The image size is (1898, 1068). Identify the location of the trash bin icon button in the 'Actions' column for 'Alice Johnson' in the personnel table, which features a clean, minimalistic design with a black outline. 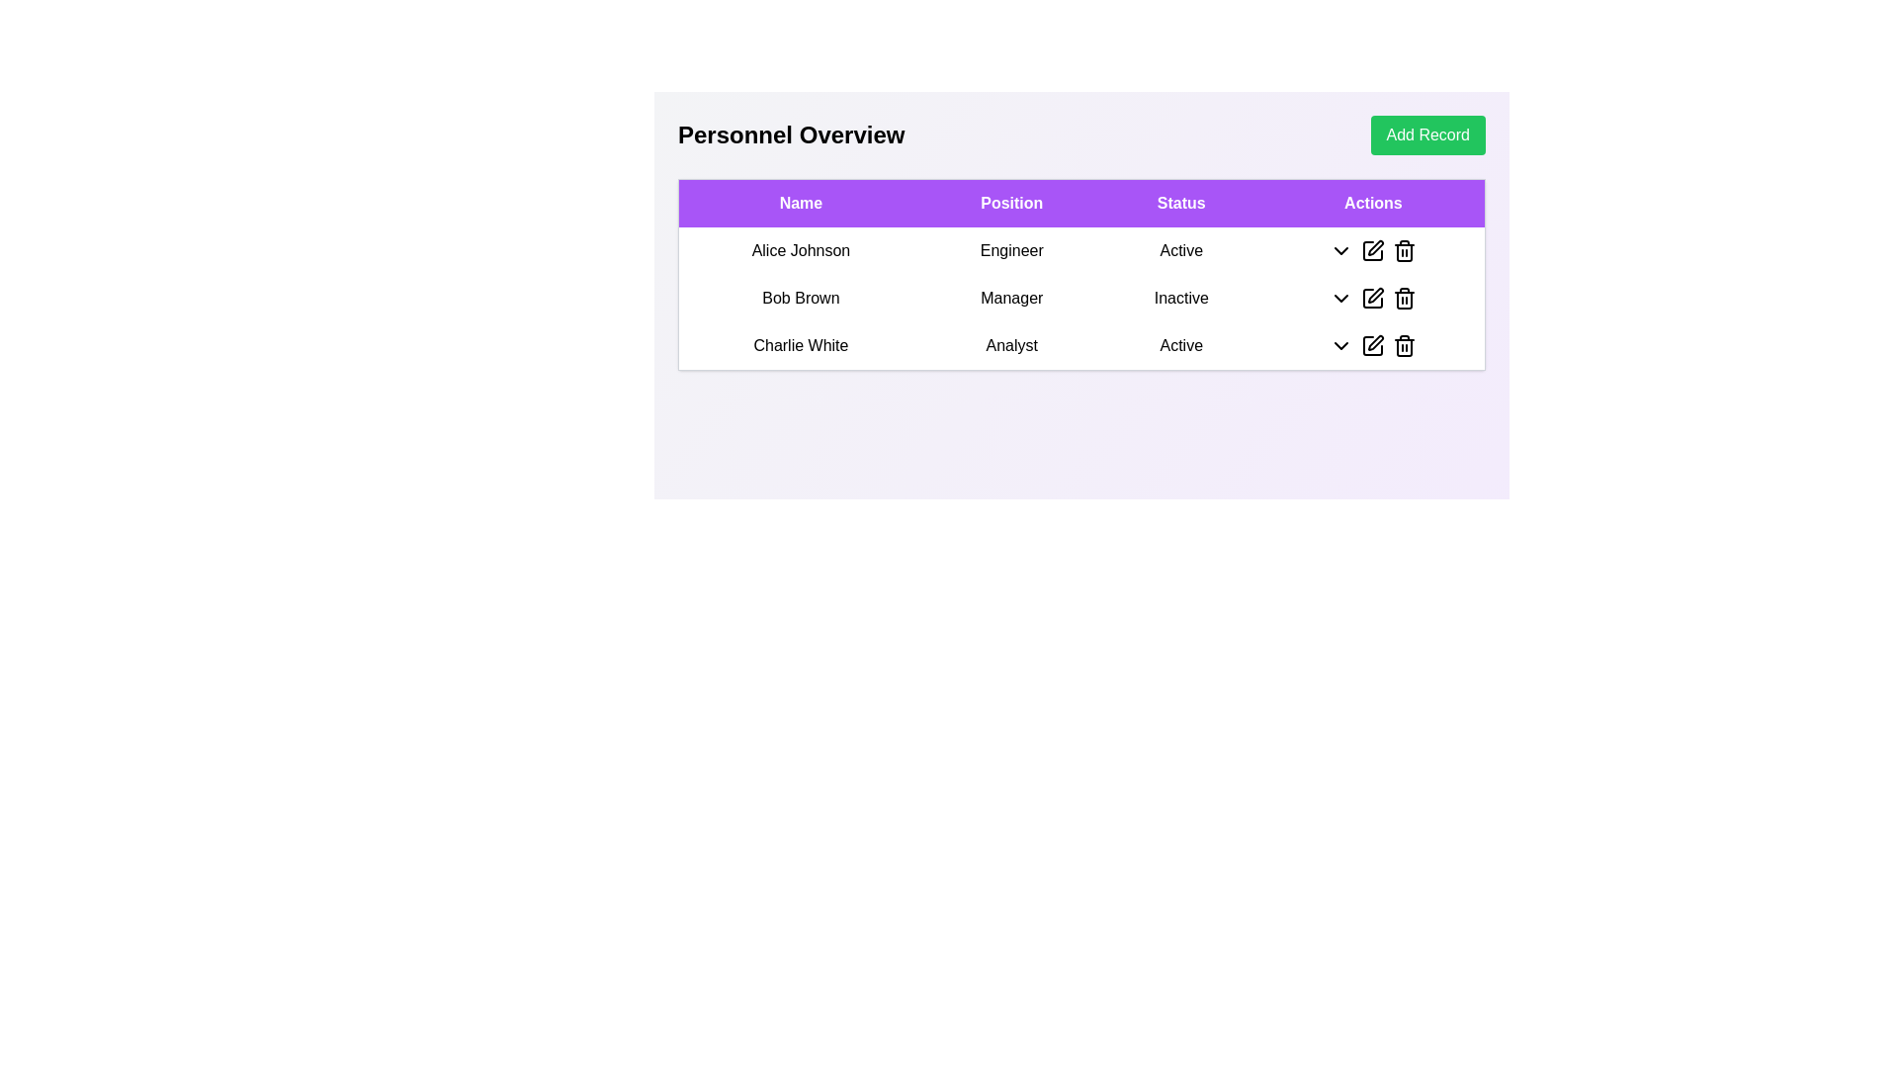
(1404, 250).